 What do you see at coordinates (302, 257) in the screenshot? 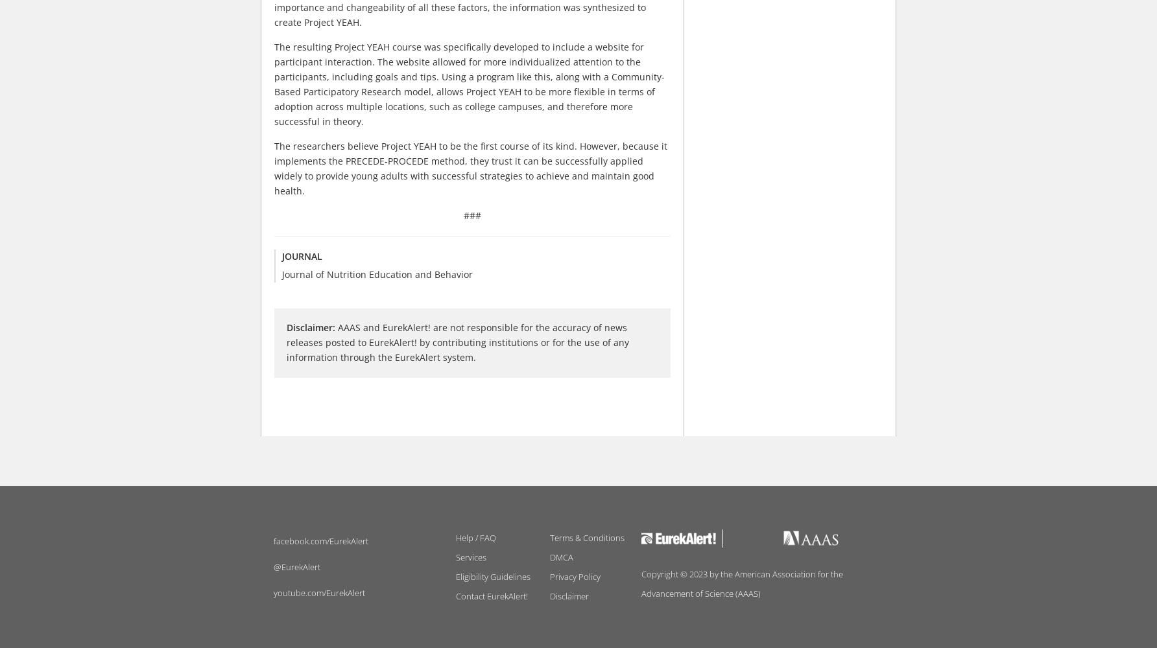
I see `'Journal'` at bounding box center [302, 257].